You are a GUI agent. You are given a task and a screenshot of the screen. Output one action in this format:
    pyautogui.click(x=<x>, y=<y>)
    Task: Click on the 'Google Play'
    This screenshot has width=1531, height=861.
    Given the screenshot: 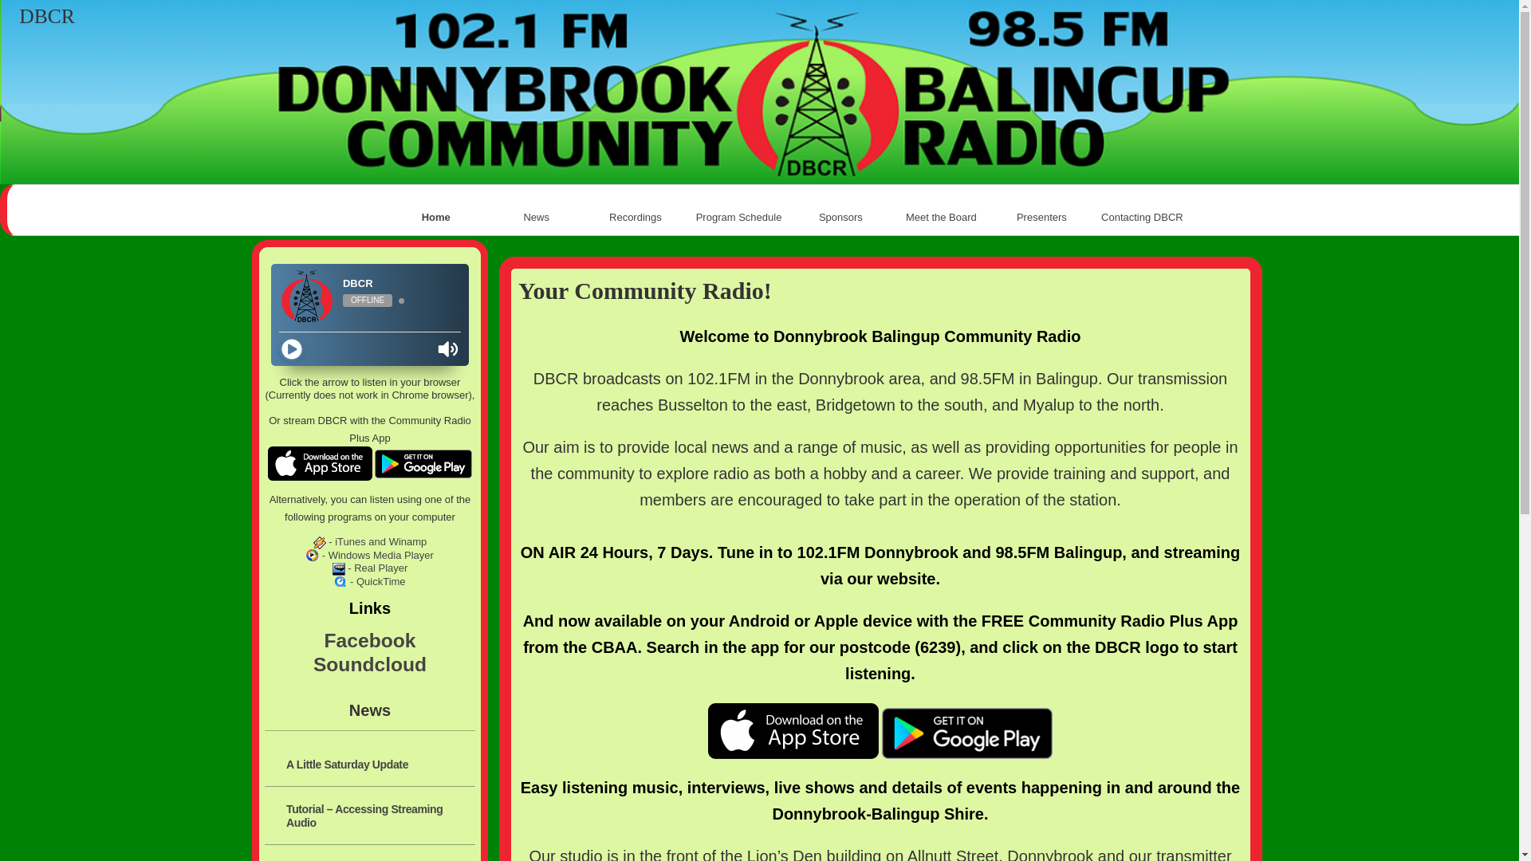 What is the action you would take?
    pyautogui.click(x=423, y=464)
    